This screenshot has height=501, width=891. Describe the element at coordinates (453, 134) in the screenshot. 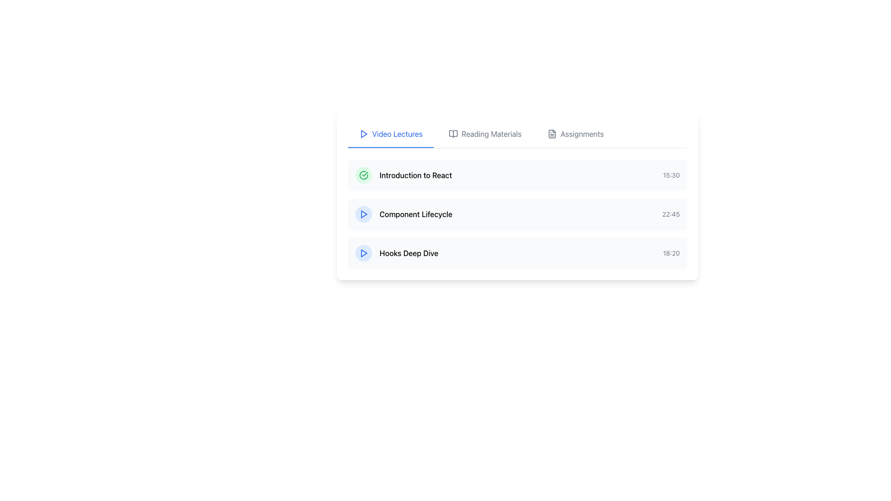

I see `the small open book icon in the 'Reading Materials' tab of the top navigation bar, which is the first icon aligned to the left of the tab text` at that location.